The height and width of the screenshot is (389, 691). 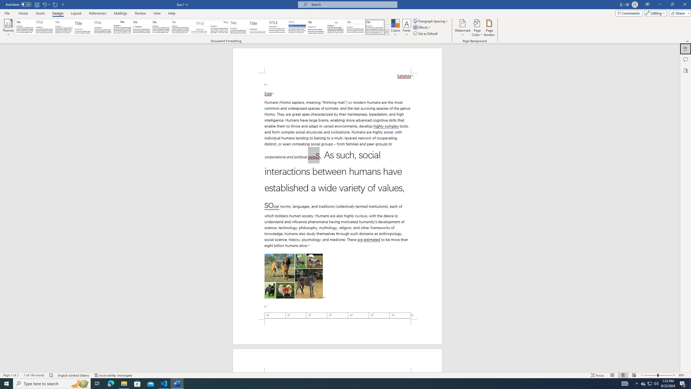 I want to click on 'Effects', so click(x=422, y=27).